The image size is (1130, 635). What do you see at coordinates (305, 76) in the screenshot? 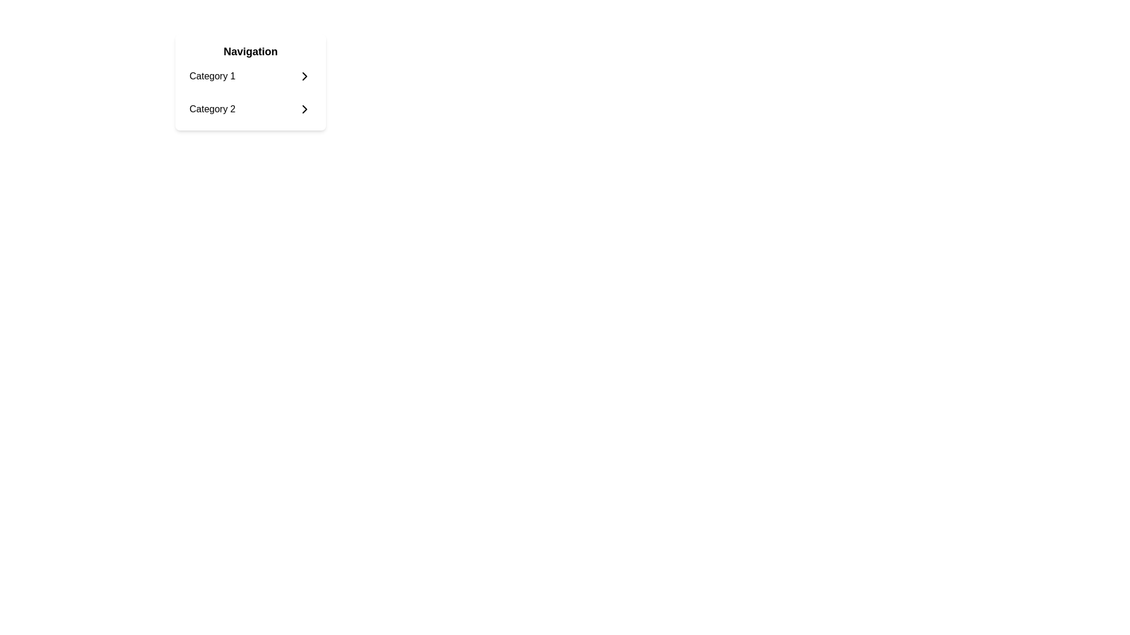
I see `the chevron icon located to the right of 'Category 1' in the vertical menu for feedback` at bounding box center [305, 76].